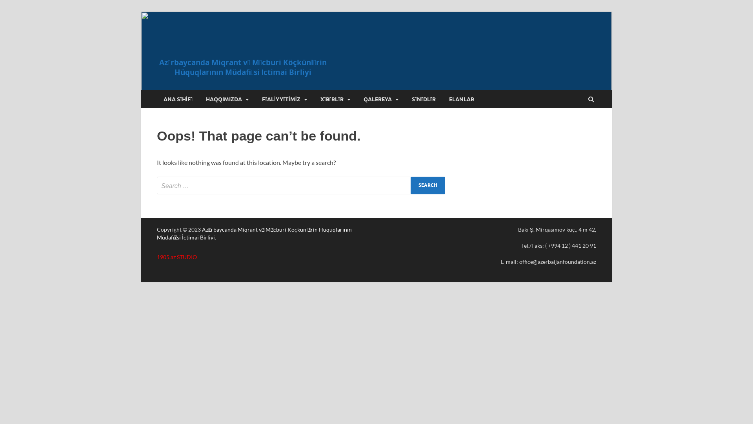 This screenshot has width=753, height=424. Describe the element at coordinates (461, 99) in the screenshot. I see `'ELANLAR'` at that location.